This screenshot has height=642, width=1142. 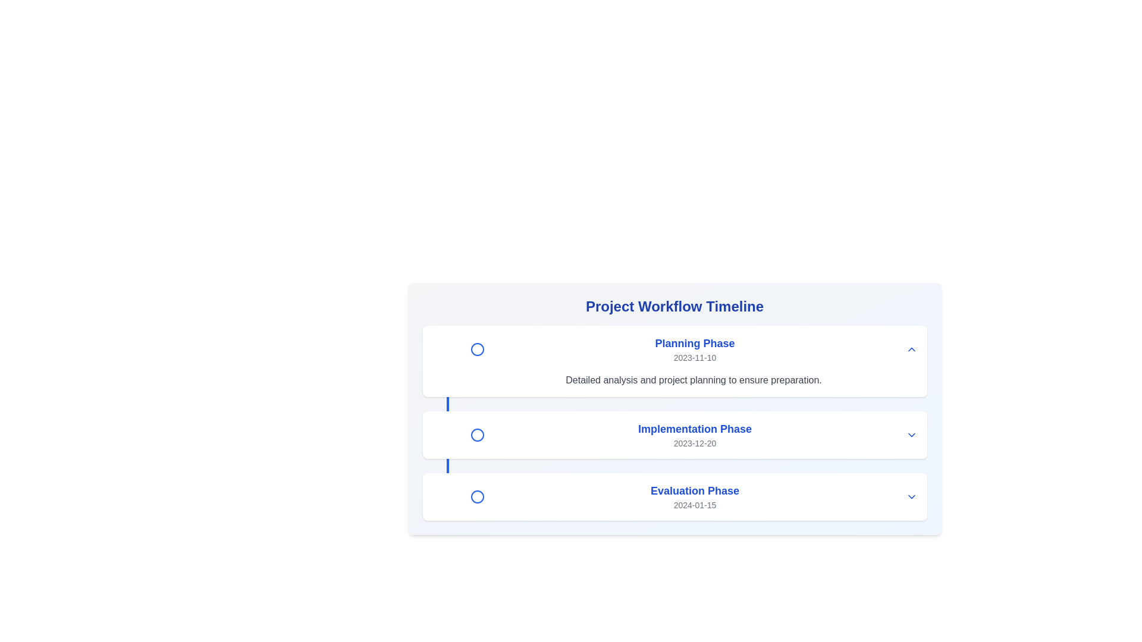 What do you see at coordinates (694, 348) in the screenshot?
I see `the first Timeline entry in the Project Workflow Timeline, which is displayed within a white rounded rectangle` at bounding box center [694, 348].